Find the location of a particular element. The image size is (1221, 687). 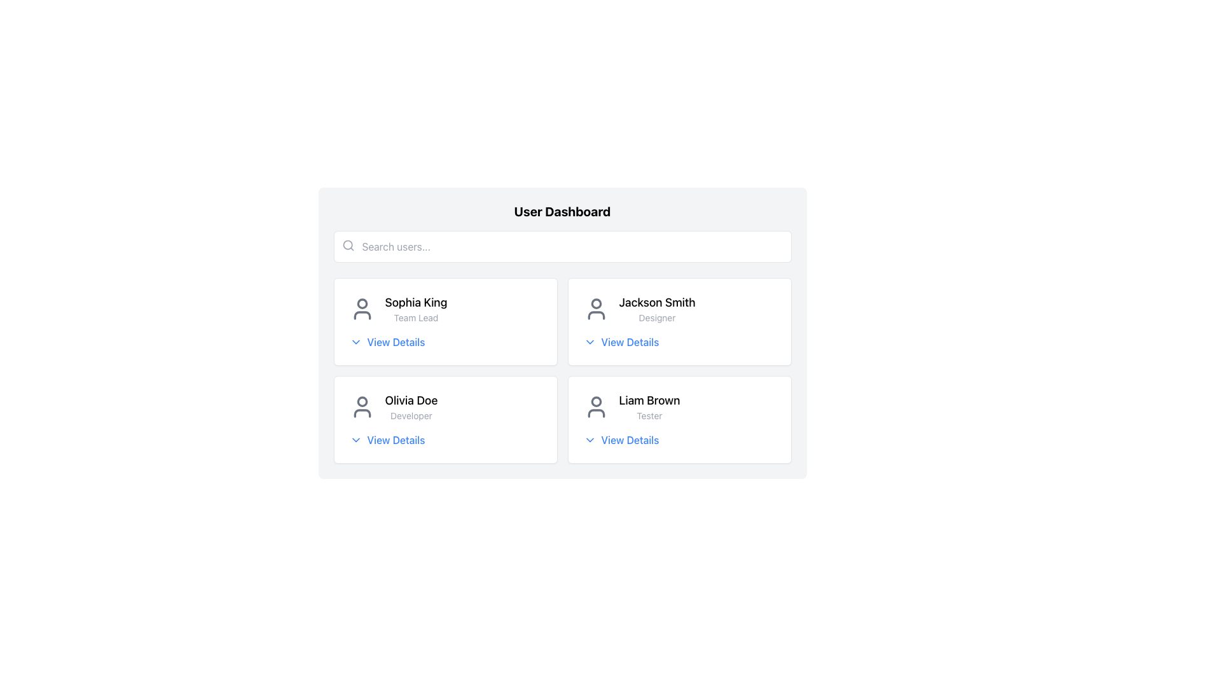

the collapsible icon located on the left side of the 'View Details' text within the card for 'Sophia King' is located at coordinates (355, 341).